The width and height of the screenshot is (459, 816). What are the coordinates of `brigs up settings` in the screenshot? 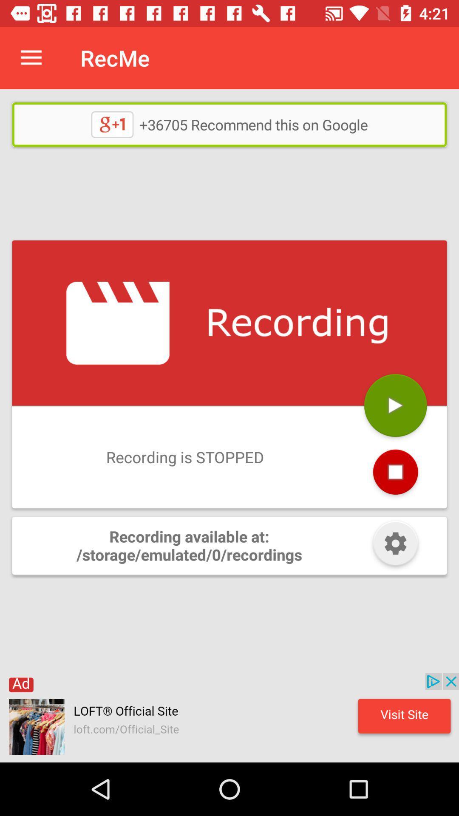 It's located at (395, 545).